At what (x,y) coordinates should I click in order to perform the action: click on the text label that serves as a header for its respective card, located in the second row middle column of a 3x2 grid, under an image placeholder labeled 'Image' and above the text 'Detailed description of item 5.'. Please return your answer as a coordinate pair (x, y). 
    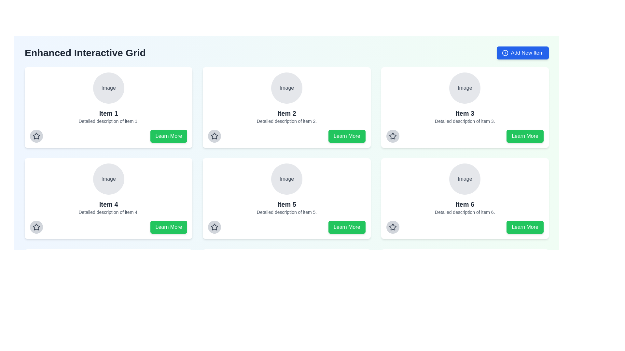
    Looking at the image, I should click on (286, 204).